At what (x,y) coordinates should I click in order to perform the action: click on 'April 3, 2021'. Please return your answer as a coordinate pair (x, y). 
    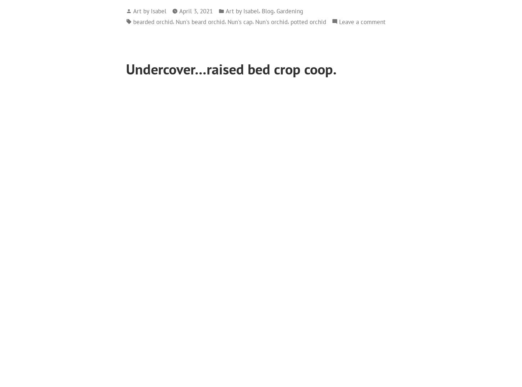
    Looking at the image, I should click on (196, 10).